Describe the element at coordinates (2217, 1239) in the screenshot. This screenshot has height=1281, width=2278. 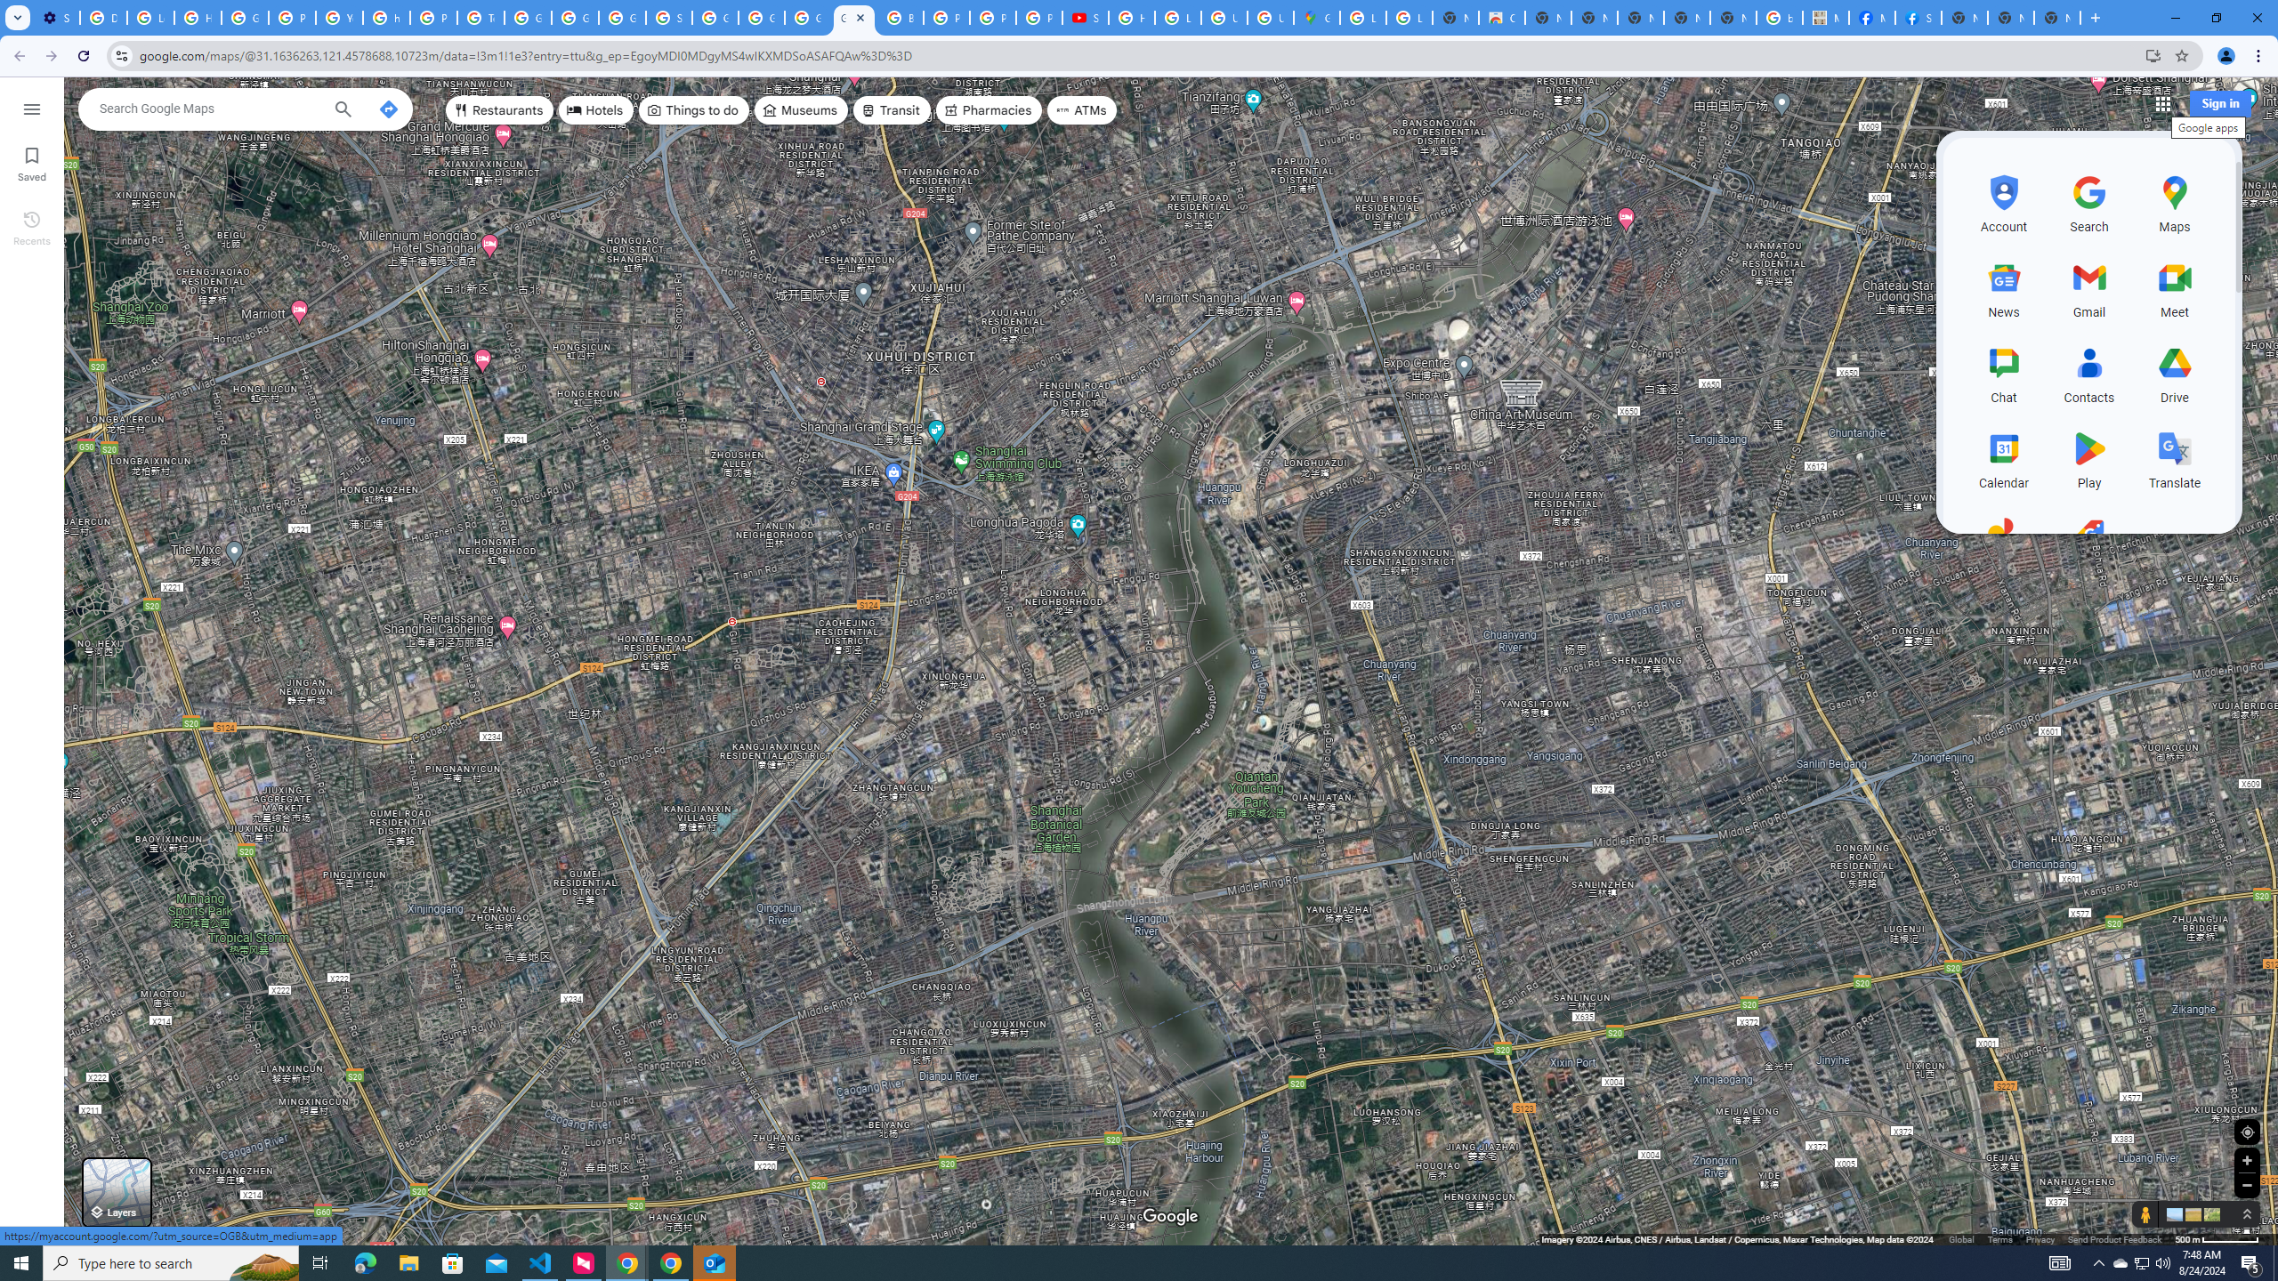
I see `'500 m'` at that location.